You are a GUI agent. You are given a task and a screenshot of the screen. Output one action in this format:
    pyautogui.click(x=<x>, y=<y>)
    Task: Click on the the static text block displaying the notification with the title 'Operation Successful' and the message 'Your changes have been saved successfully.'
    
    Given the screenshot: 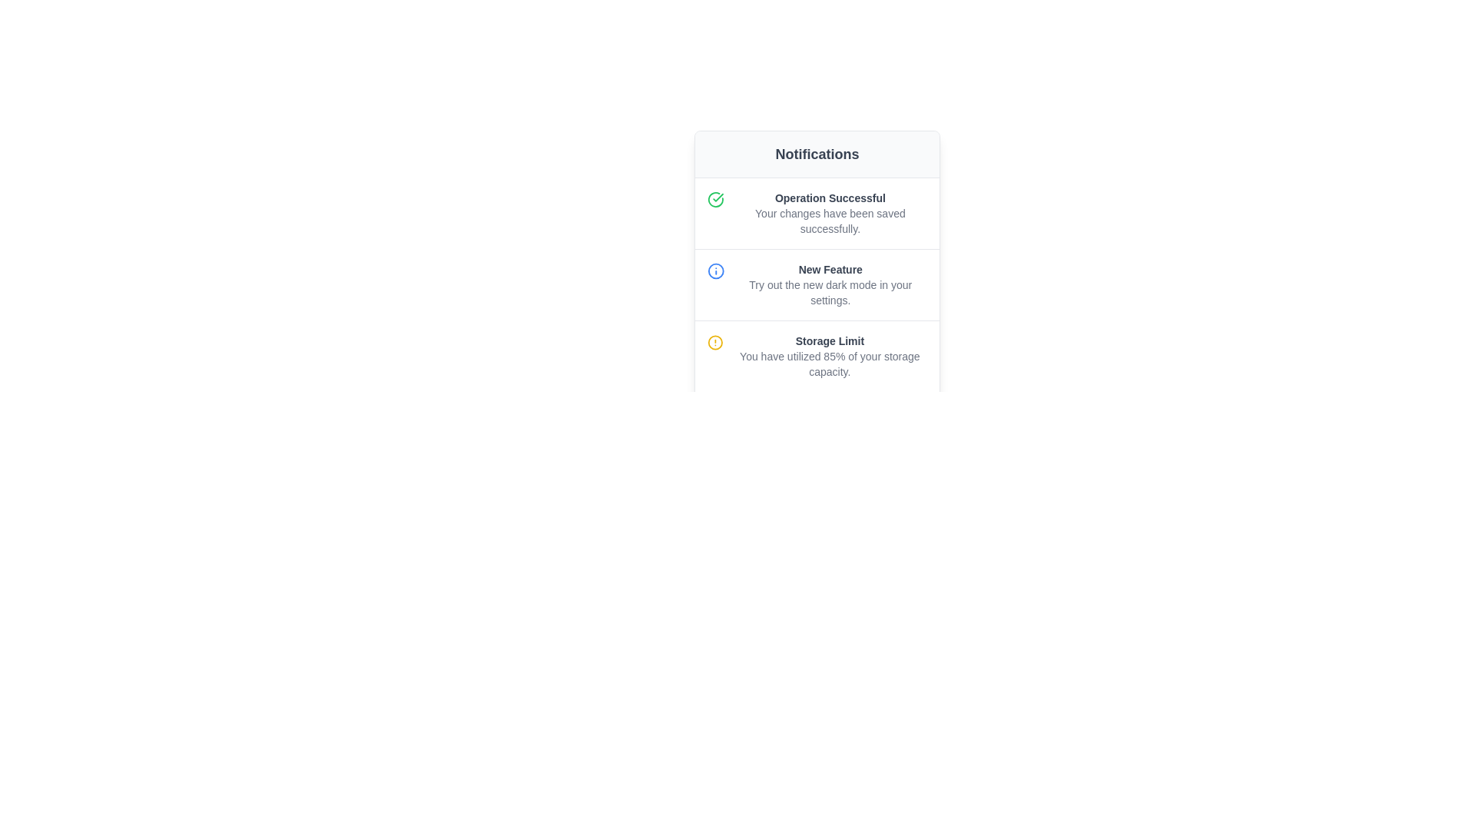 What is the action you would take?
    pyautogui.click(x=829, y=213)
    